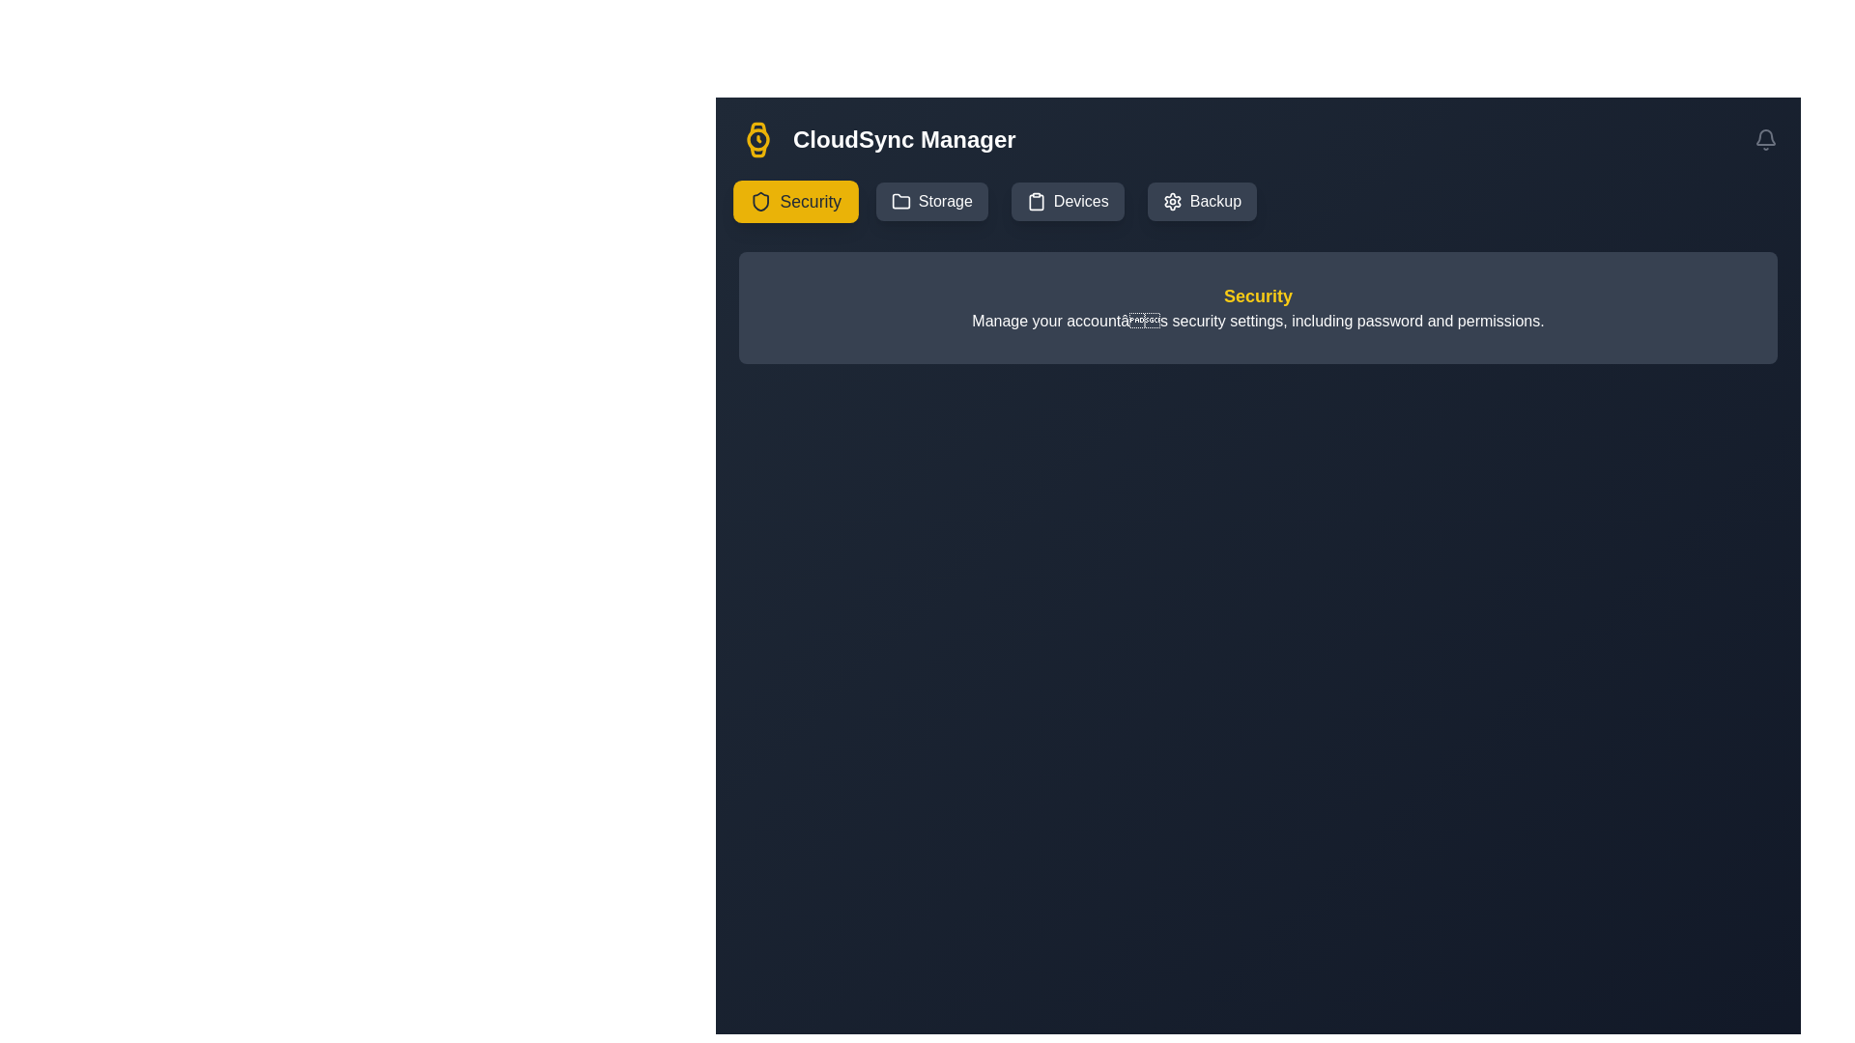 This screenshot has height=1043, width=1855. I want to click on the 'Security' item in the horizontal navigation bar, so click(1258, 201).